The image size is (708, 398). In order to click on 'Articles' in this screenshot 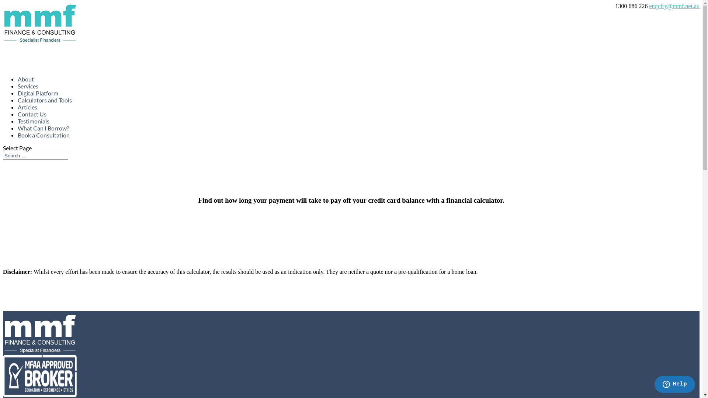, I will do `click(27, 118)`.